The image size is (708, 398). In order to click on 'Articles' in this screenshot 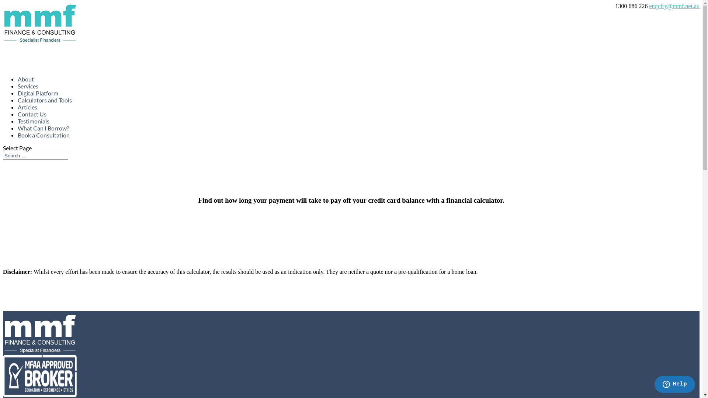, I will do `click(27, 118)`.